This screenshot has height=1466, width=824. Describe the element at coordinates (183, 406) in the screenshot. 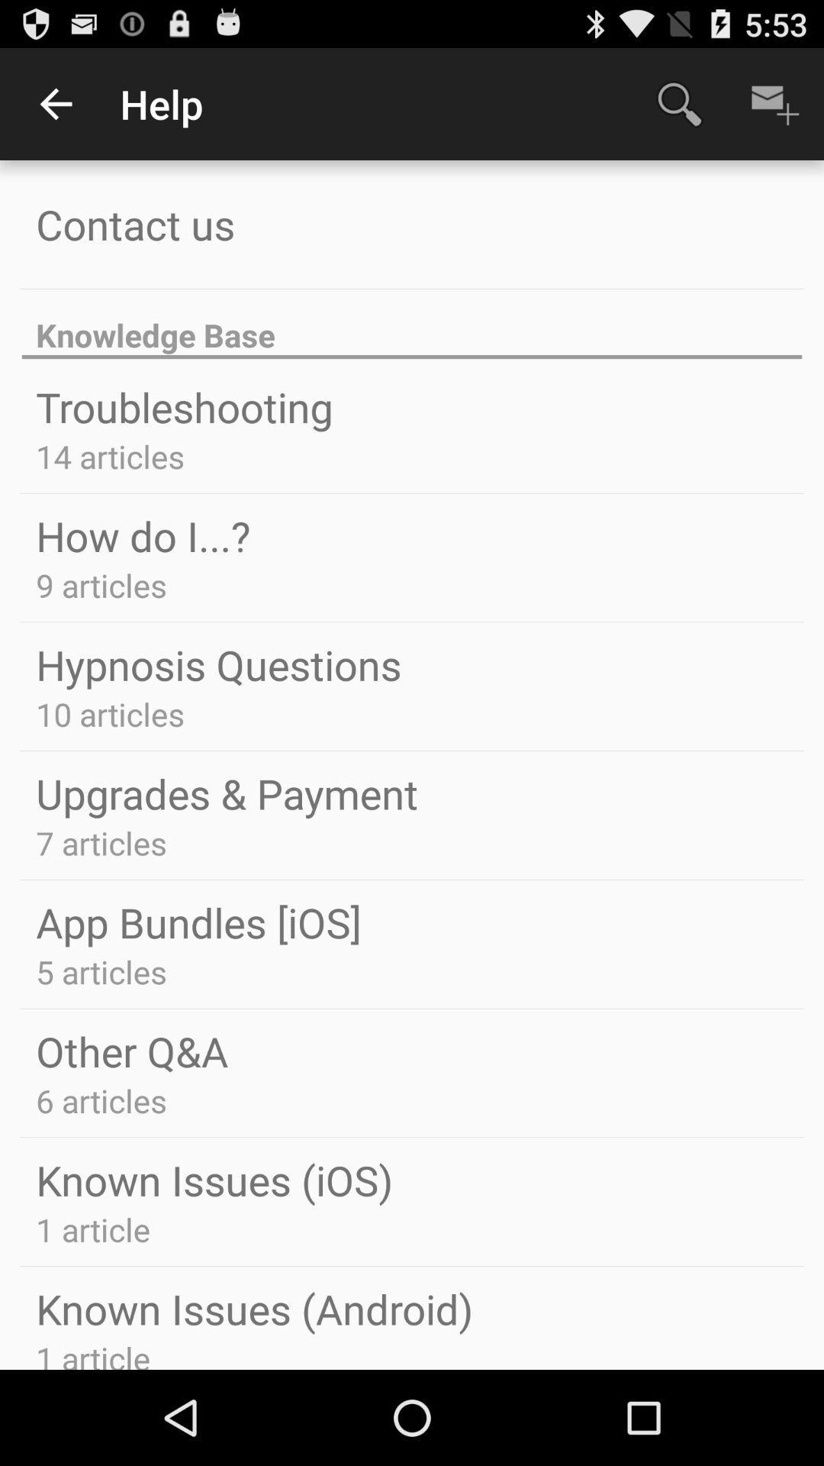

I see `troubleshooting` at that location.